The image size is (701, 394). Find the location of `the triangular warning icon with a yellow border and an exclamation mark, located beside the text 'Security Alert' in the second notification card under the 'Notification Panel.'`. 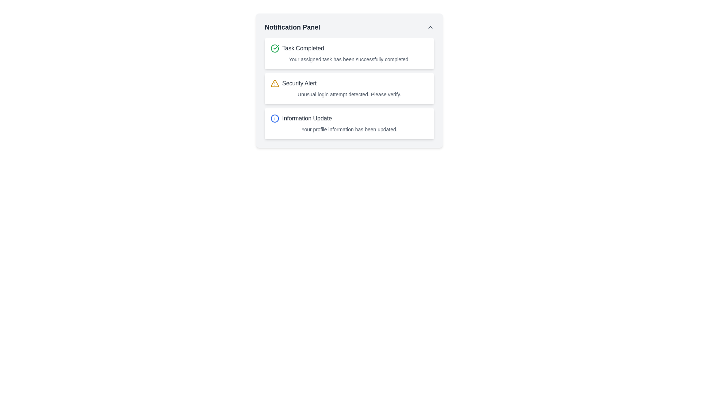

the triangular warning icon with a yellow border and an exclamation mark, located beside the text 'Security Alert' in the second notification card under the 'Notification Panel.' is located at coordinates (275, 83).